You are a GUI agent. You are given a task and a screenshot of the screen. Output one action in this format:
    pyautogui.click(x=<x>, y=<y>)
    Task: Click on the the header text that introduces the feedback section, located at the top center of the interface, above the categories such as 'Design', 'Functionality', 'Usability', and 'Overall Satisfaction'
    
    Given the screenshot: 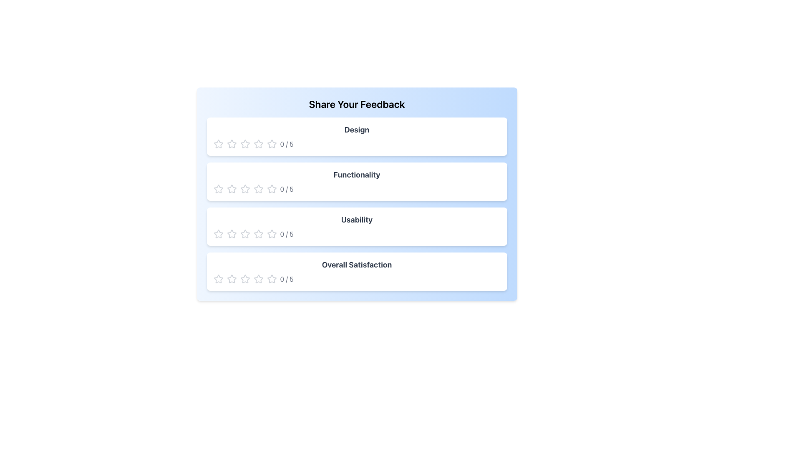 What is the action you would take?
    pyautogui.click(x=357, y=104)
    